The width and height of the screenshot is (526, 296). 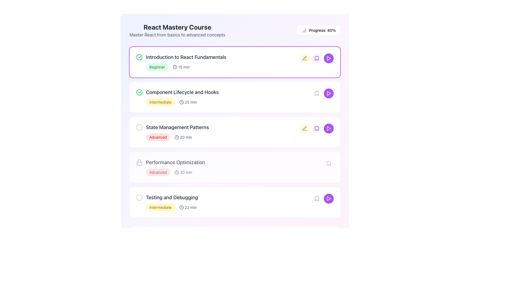 I want to click on the triangular-shaped play button icon with a bold outline and purple circular background located to the right of the text 'Testing and Debugging' to initiate the associated action, so click(x=329, y=199).